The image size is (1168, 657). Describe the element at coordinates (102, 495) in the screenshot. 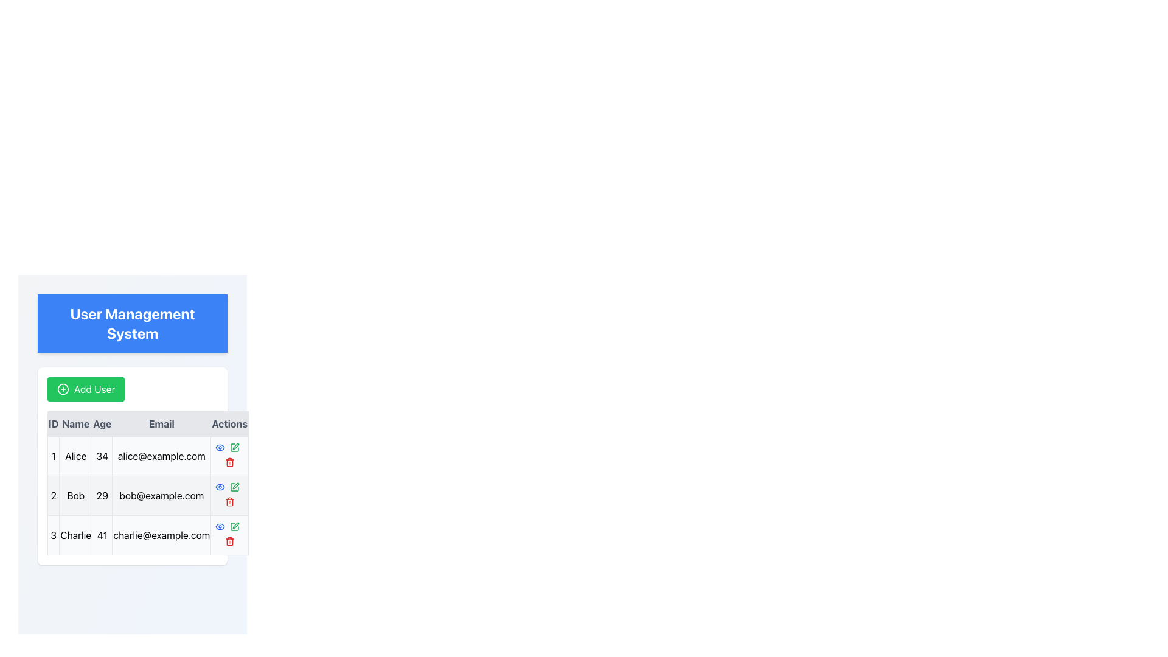

I see `the table cell displaying the age '29' for the individual named 'Bob' in the second row of the table` at that location.